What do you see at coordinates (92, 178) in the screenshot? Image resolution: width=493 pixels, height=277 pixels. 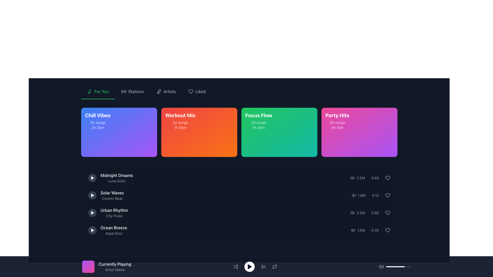 I see `the circular button with a dark gray background and a white triangular play icon located to the left of the text 'Midnight Dreams'` at bounding box center [92, 178].